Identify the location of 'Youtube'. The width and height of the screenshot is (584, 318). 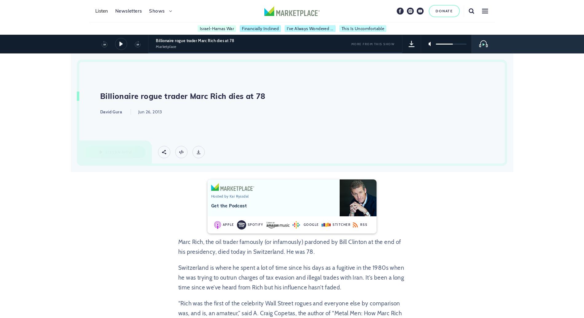
(416, 7).